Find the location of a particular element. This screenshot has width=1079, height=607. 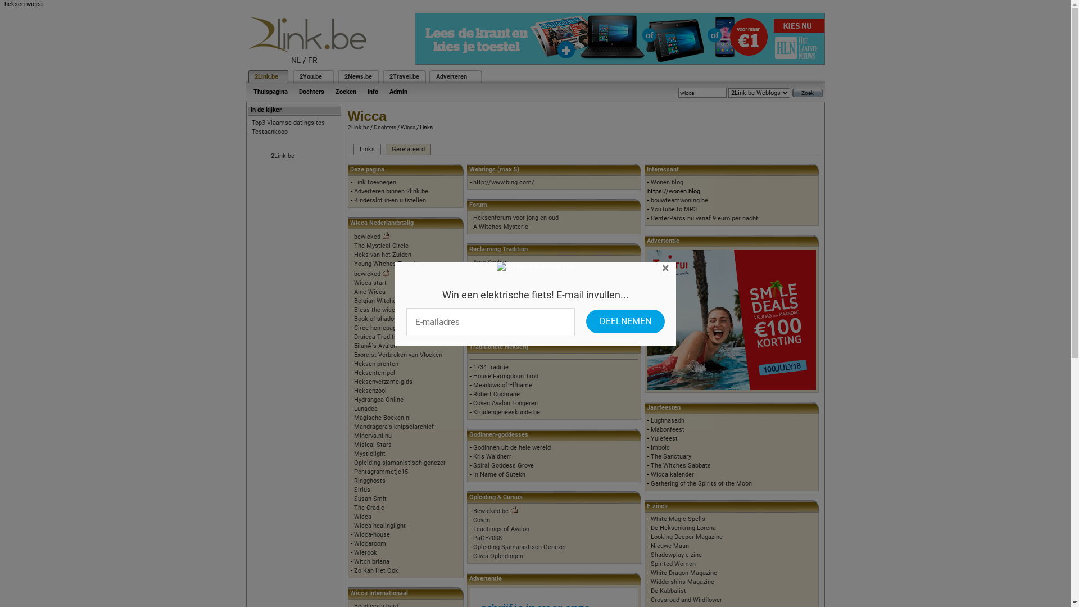

'Hydrangea Online' is located at coordinates (378, 399).